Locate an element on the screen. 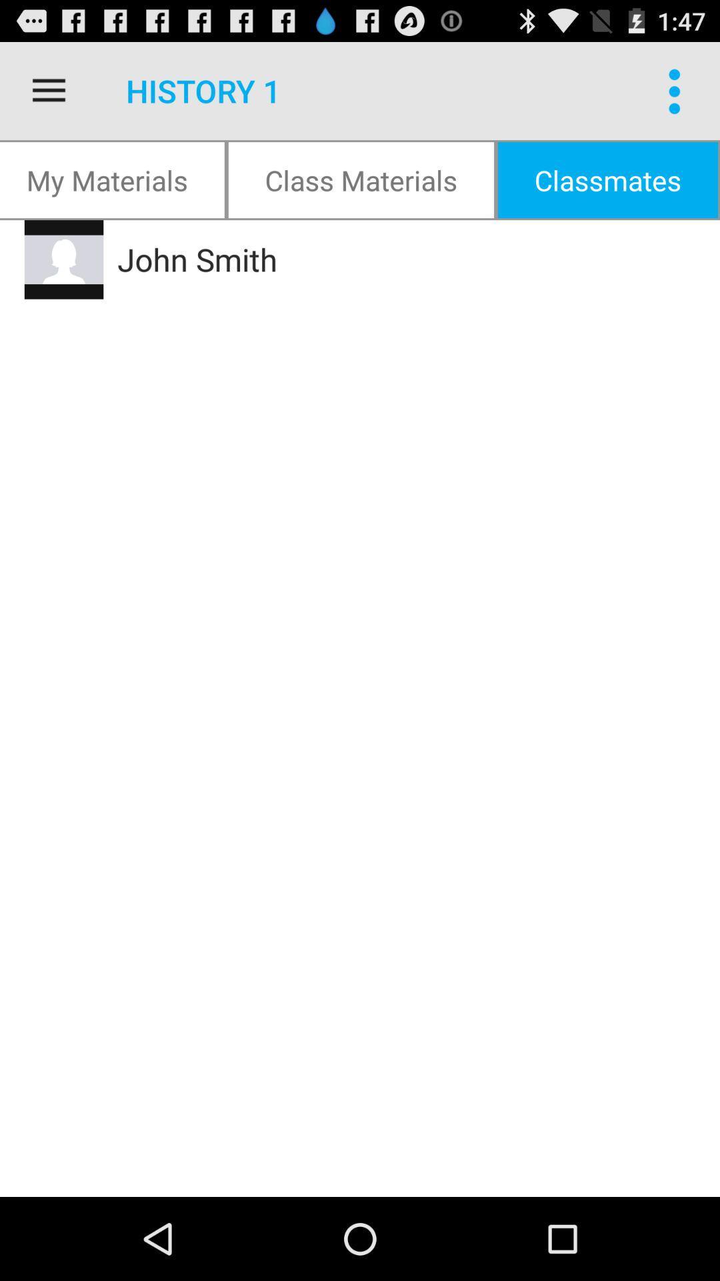  icon to the left of the history 1 item is located at coordinates (48, 90).